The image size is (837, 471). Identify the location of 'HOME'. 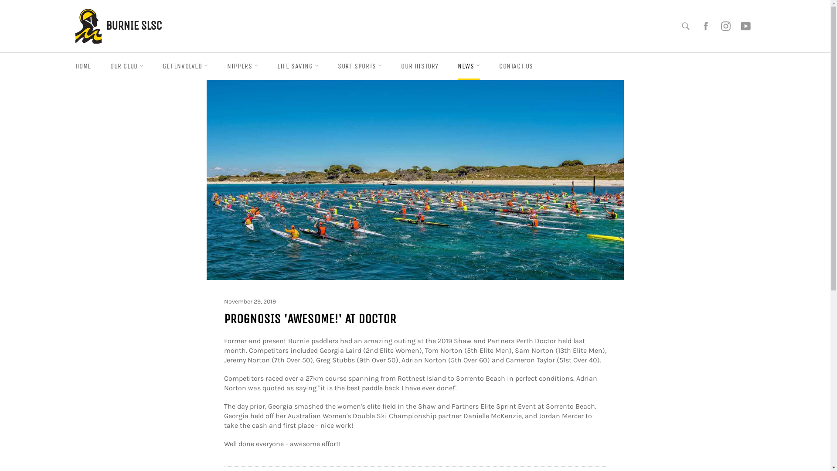
(83, 65).